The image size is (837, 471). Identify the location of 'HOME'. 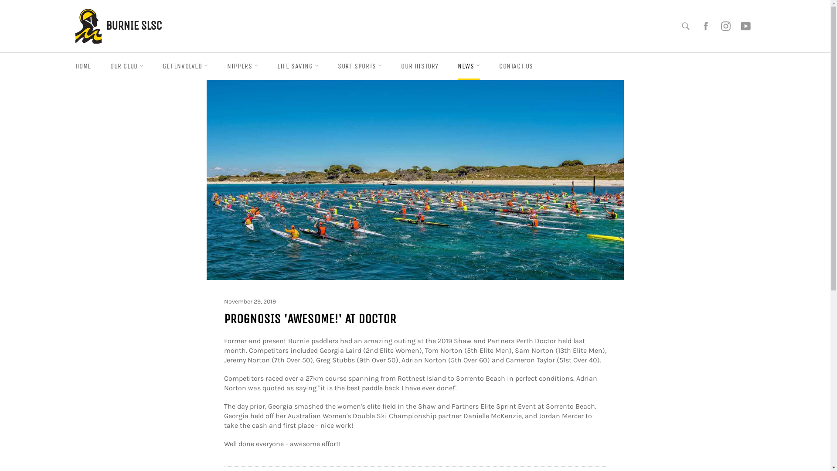
(83, 65).